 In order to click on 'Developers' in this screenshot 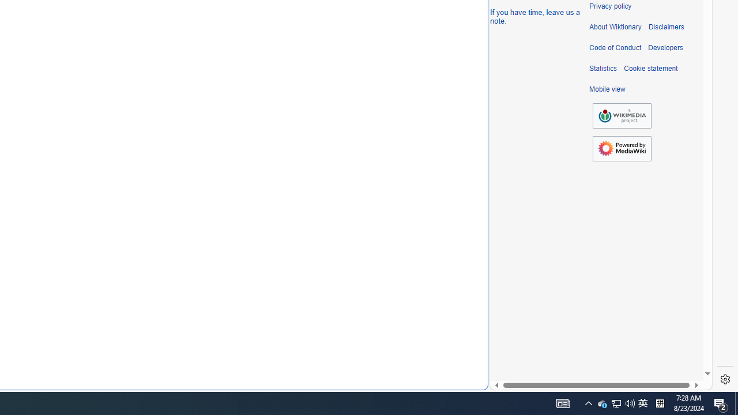, I will do `click(665, 47)`.